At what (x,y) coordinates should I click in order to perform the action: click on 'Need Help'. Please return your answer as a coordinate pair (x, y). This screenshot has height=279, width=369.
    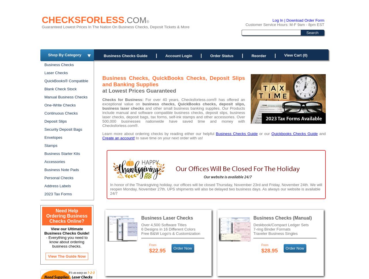
    Looking at the image, I should click on (67, 210).